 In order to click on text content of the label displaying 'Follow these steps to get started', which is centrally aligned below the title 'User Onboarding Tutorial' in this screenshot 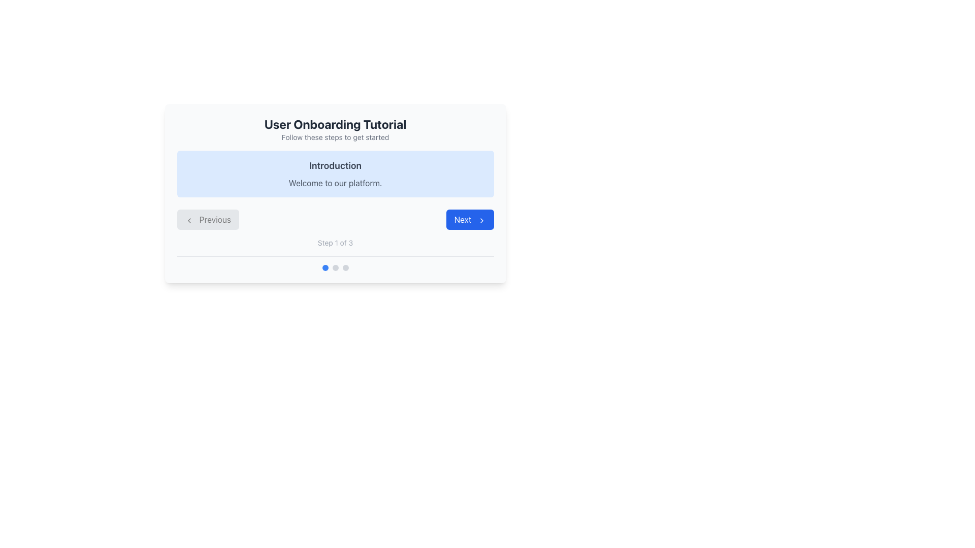, I will do `click(335, 137)`.